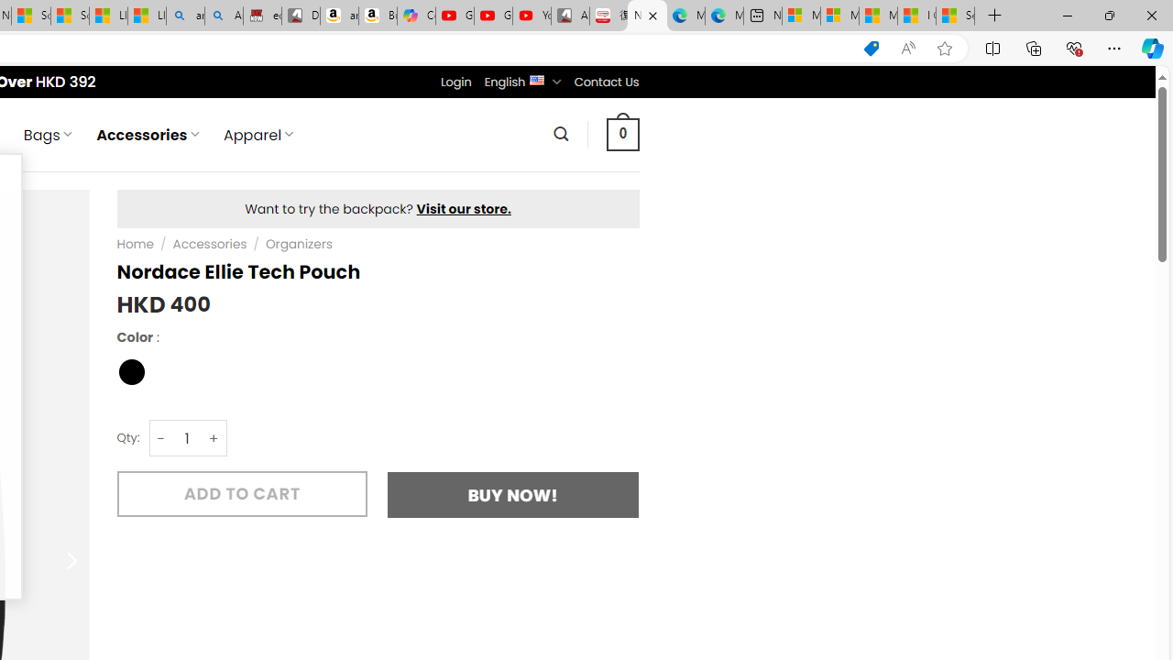 The height and width of the screenshot is (660, 1173). Describe the element at coordinates (622, 133) in the screenshot. I see `'  0  '` at that location.